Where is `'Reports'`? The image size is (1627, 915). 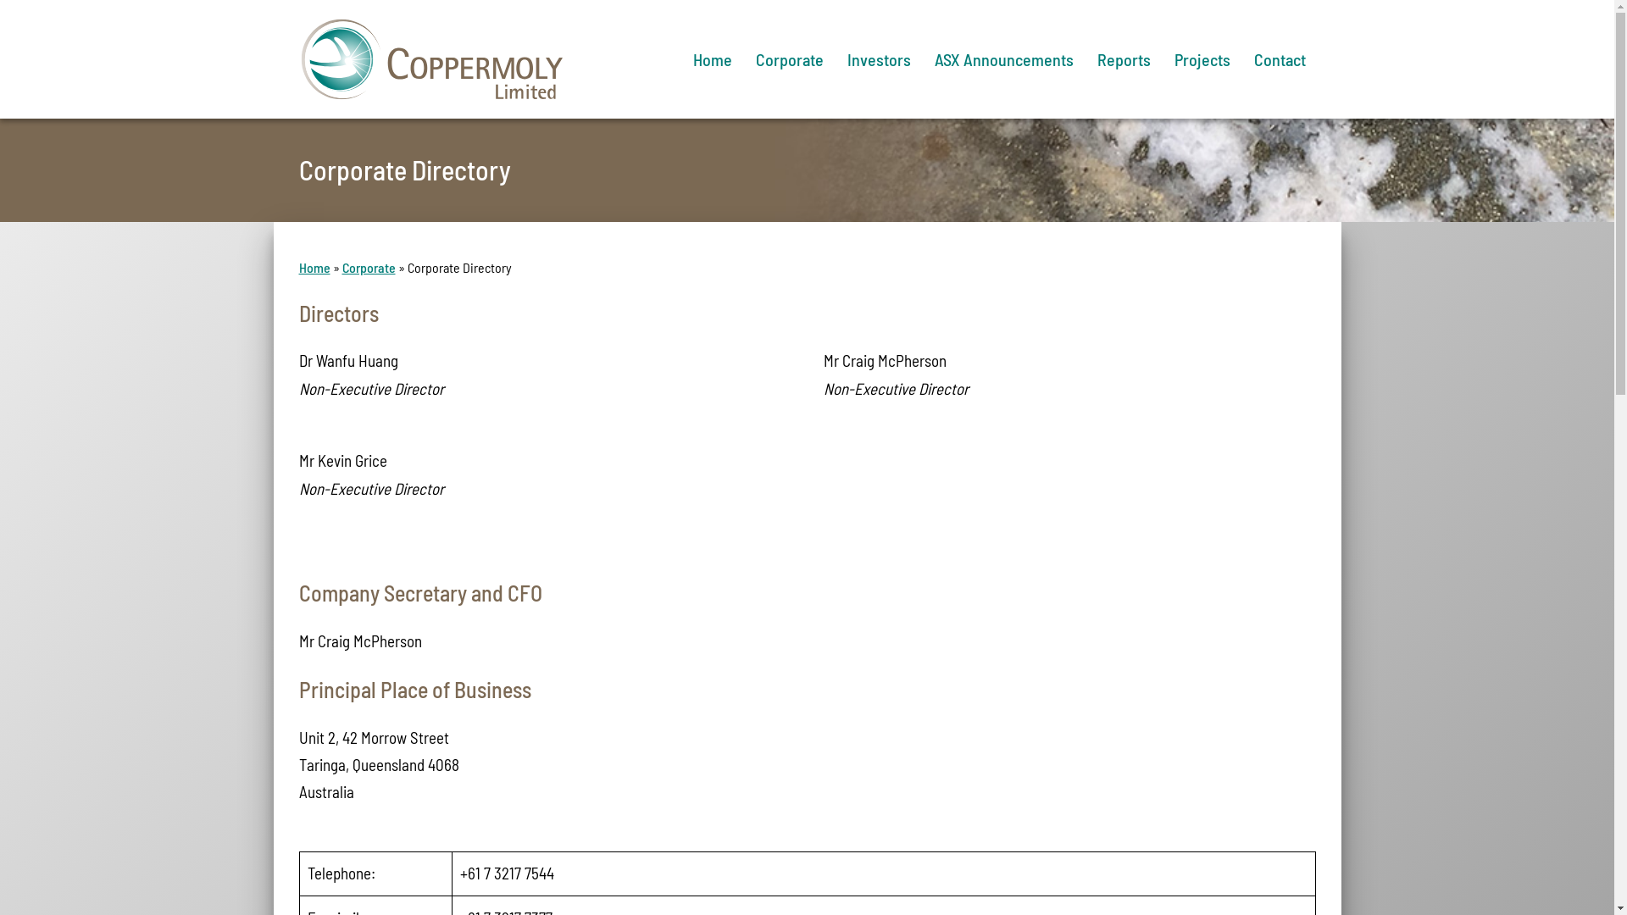
'Reports' is located at coordinates (1123, 58).